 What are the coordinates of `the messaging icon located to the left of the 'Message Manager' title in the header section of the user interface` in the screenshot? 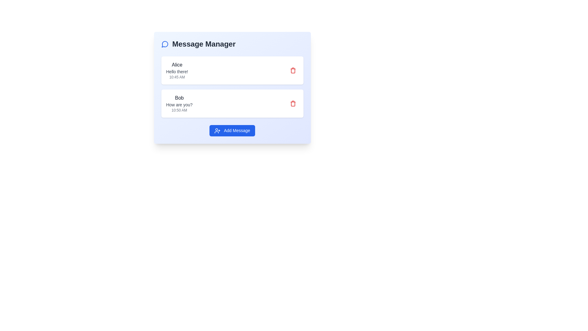 It's located at (165, 44).